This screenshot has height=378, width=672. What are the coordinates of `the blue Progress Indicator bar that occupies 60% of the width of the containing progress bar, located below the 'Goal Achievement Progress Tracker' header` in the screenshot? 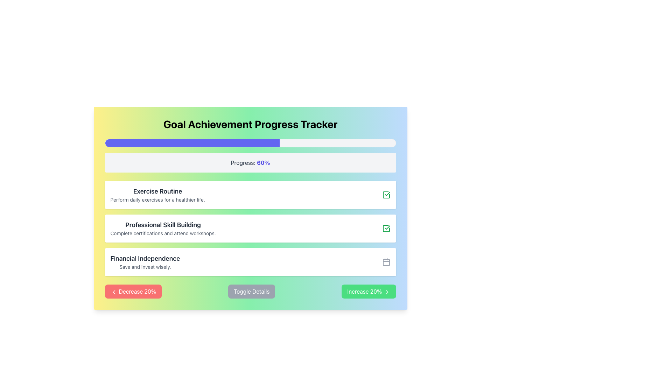 It's located at (192, 142).